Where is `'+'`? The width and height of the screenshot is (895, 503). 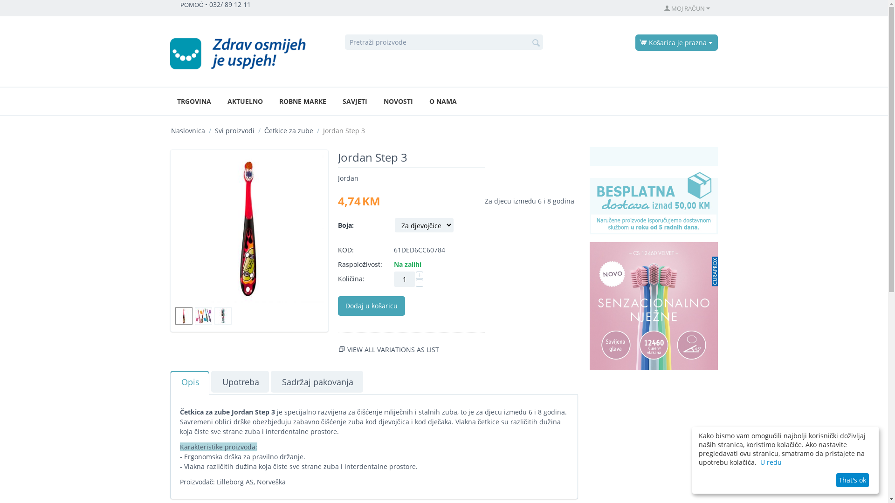 '+' is located at coordinates (419, 274).